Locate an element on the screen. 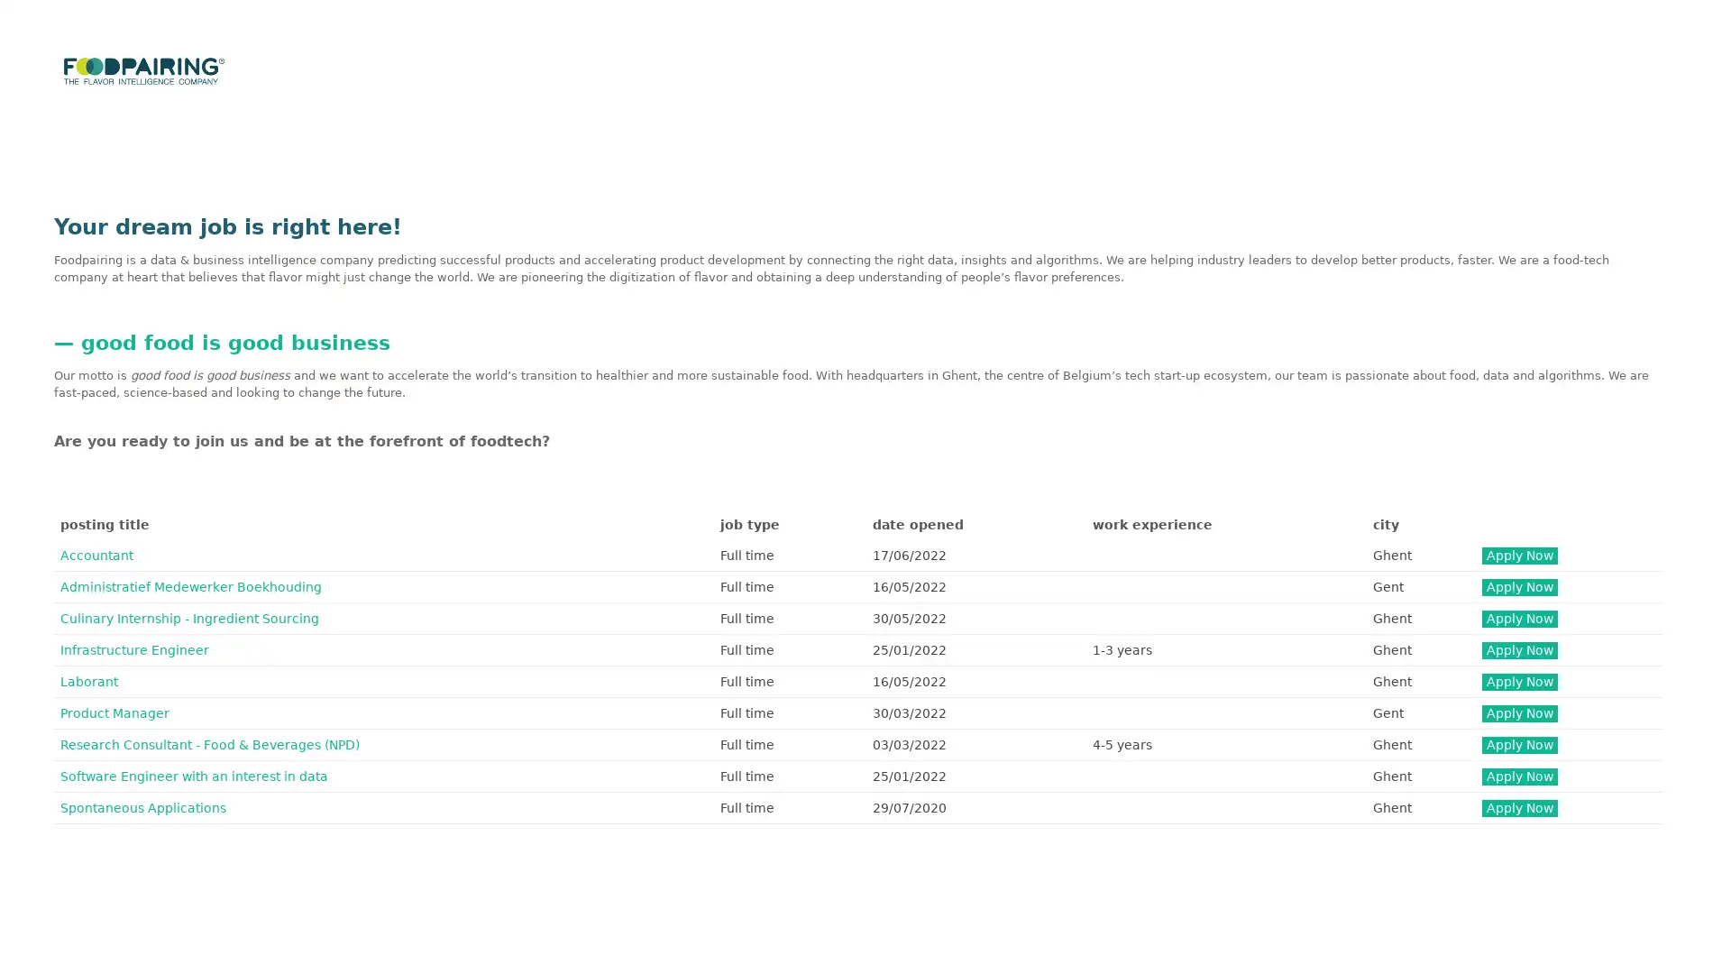 This screenshot has width=1731, height=974. Apply Now is located at coordinates (1517, 649).